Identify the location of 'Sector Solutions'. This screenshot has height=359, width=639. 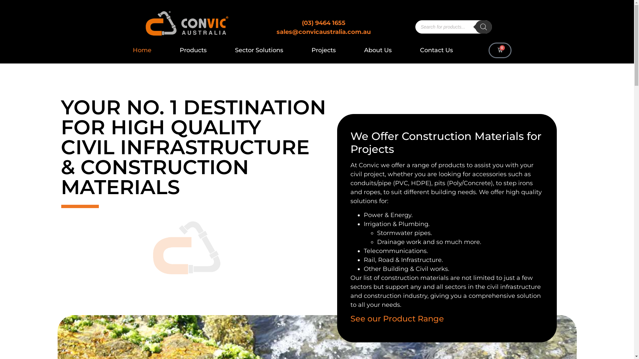
(259, 50).